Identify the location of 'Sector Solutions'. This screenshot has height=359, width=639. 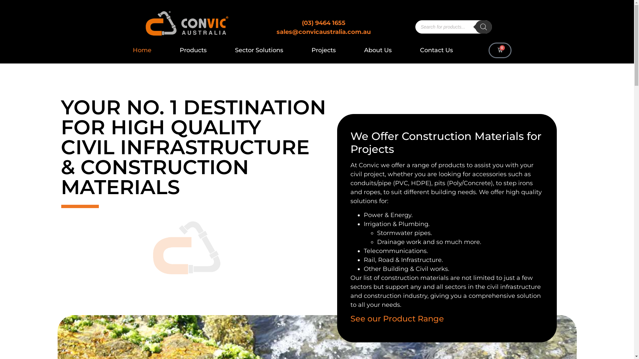
(259, 50).